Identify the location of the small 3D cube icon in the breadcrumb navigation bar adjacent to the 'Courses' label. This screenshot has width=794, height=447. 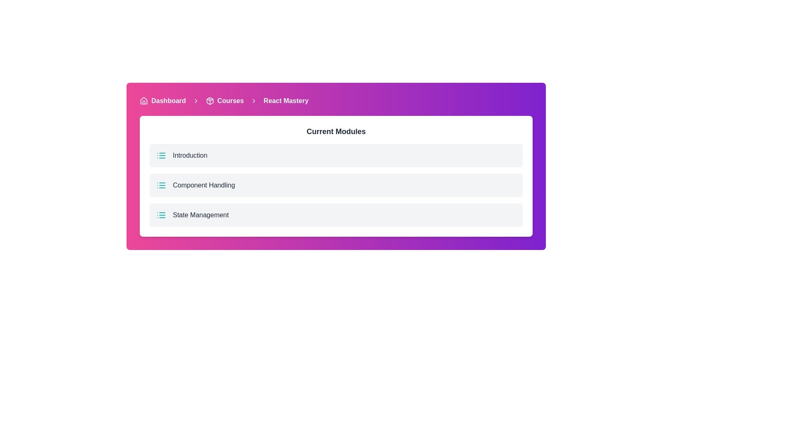
(210, 100).